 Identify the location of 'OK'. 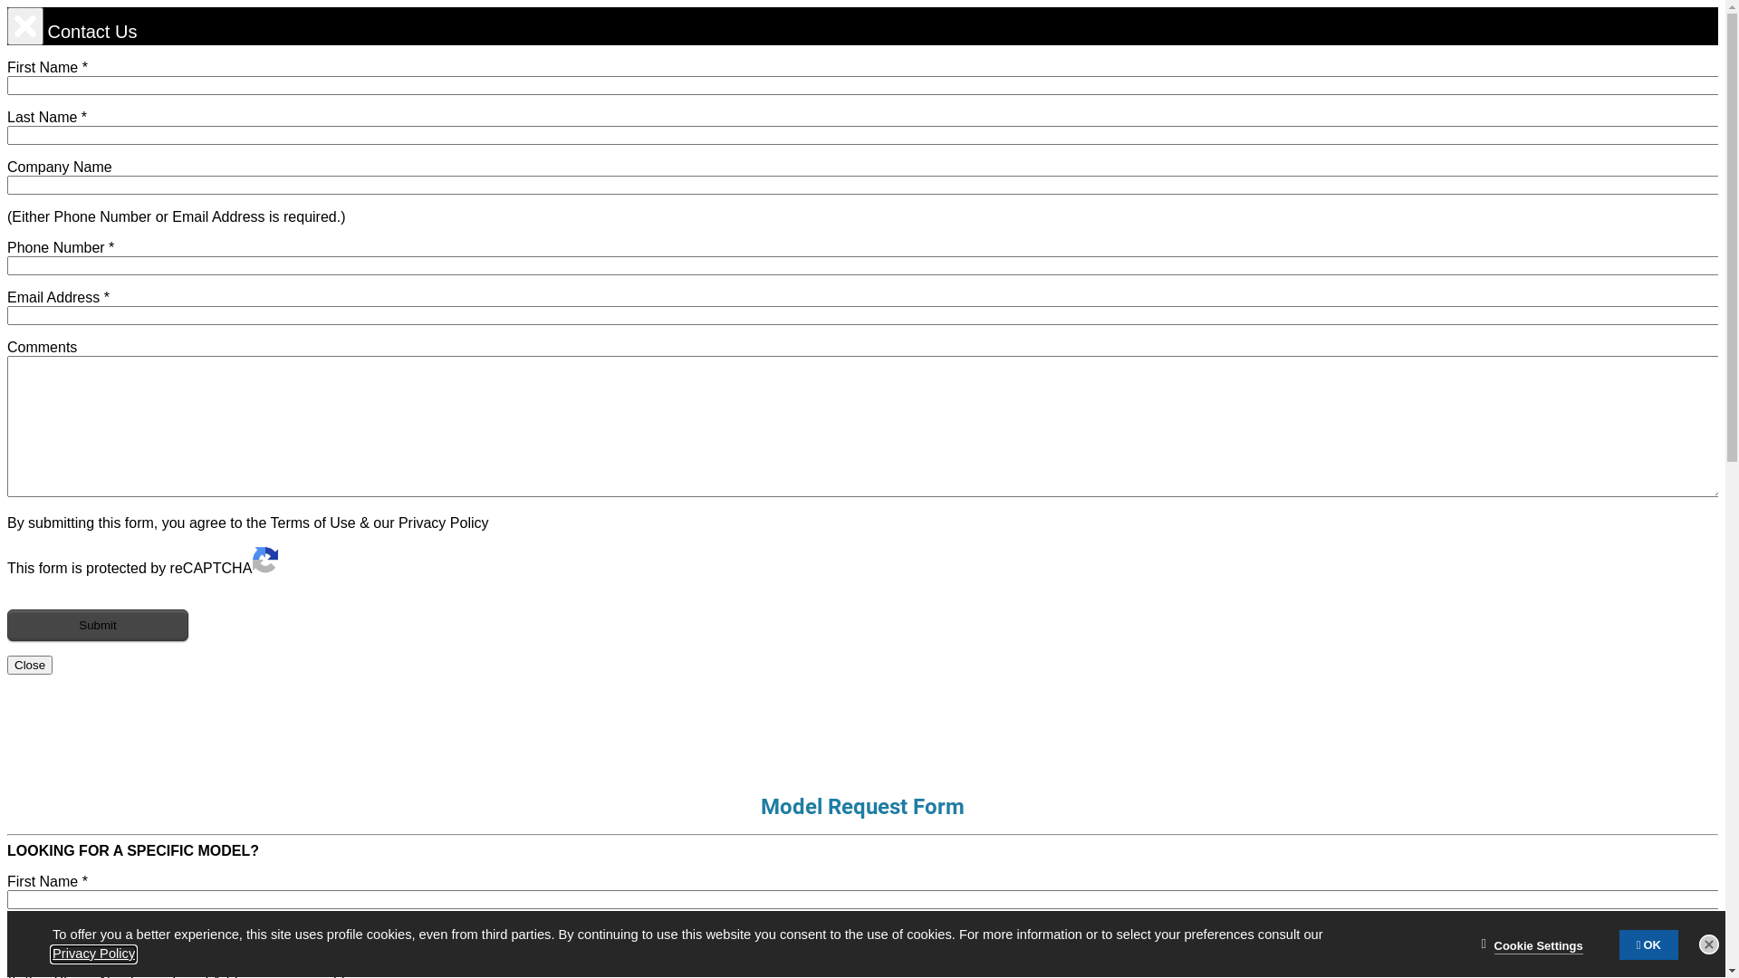
(1648, 944).